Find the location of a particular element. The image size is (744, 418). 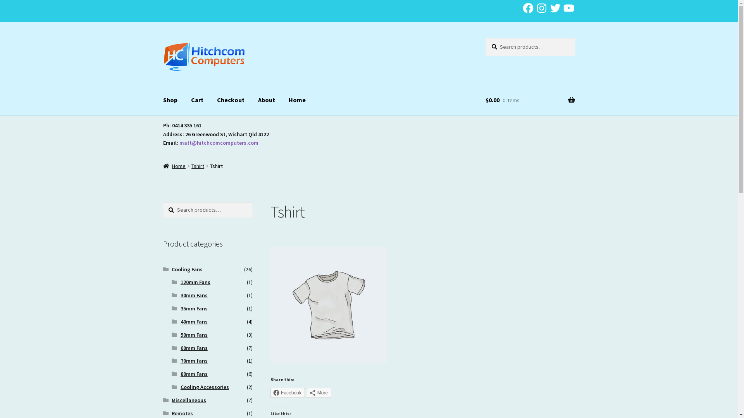

'$0.00 0 items' is located at coordinates (530, 99).